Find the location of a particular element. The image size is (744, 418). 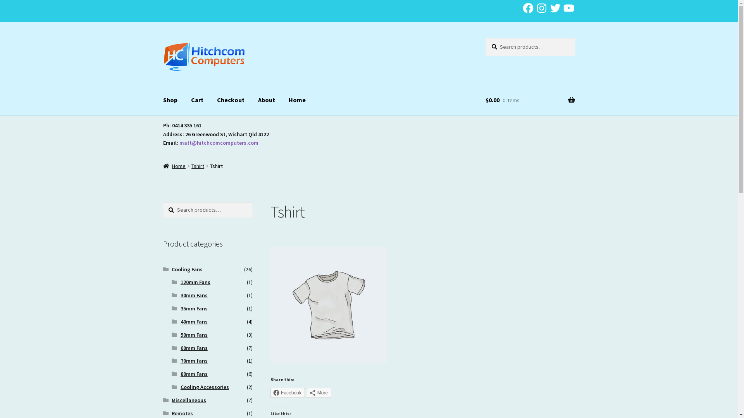

'$0.00 0 items' is located at coordinates (530, 99).